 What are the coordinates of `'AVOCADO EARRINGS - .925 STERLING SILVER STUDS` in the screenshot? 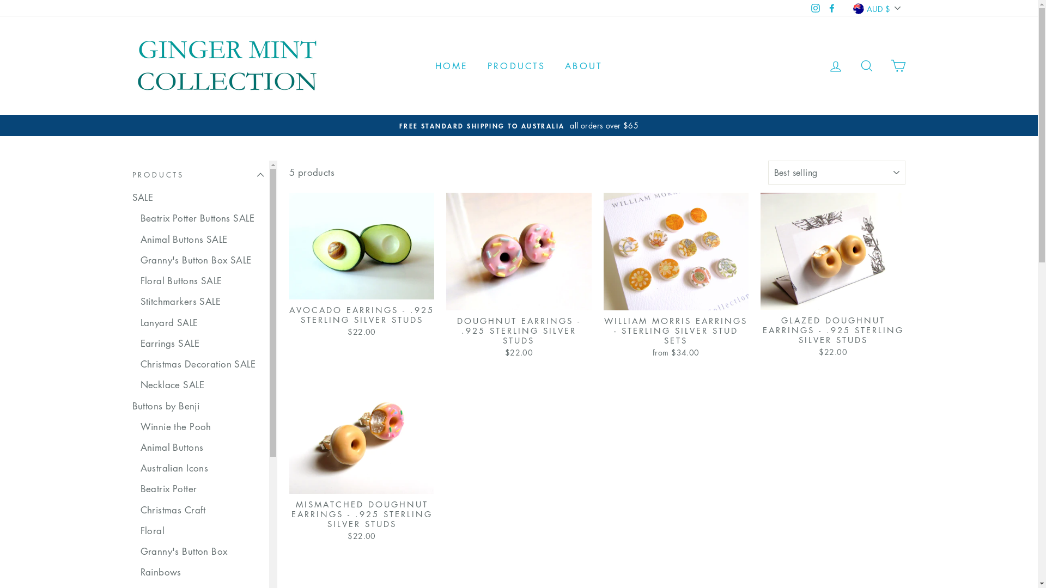 It's located at (361, 266).